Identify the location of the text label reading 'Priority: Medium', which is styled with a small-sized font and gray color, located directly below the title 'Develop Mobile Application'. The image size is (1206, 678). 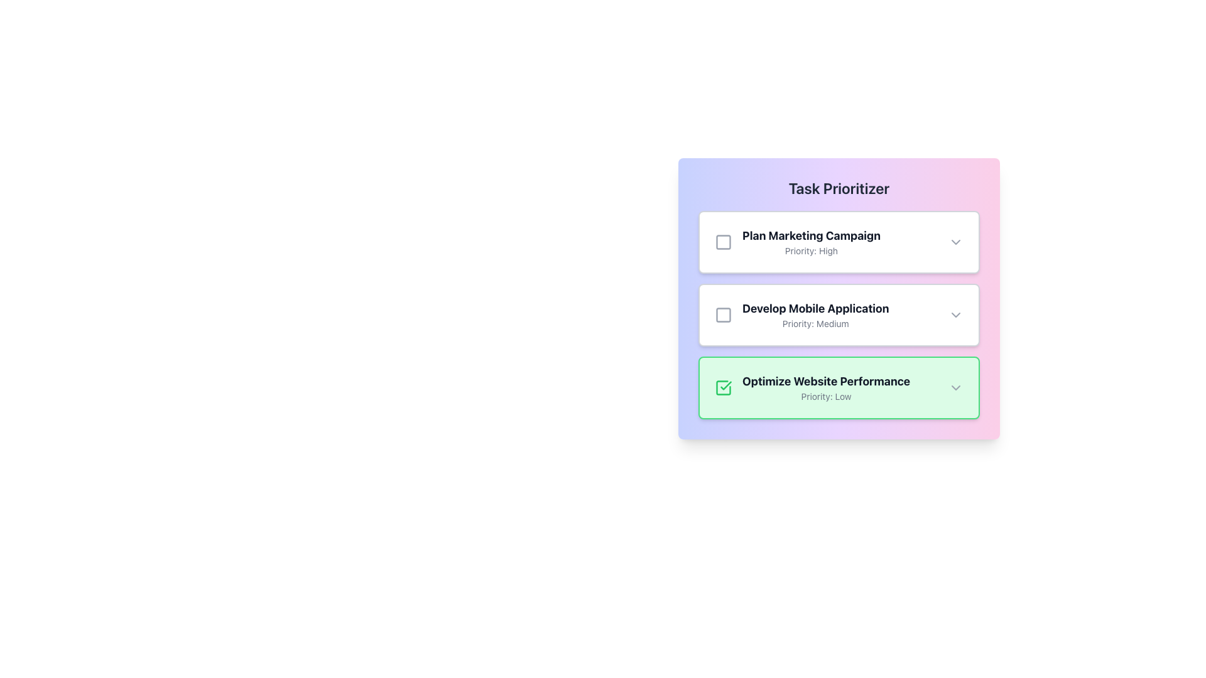
(815, 323).